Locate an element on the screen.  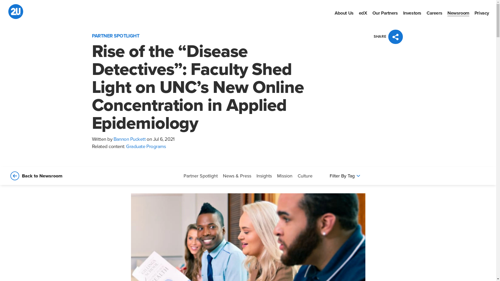
'Privacy' is located at coordinates (481, 12).